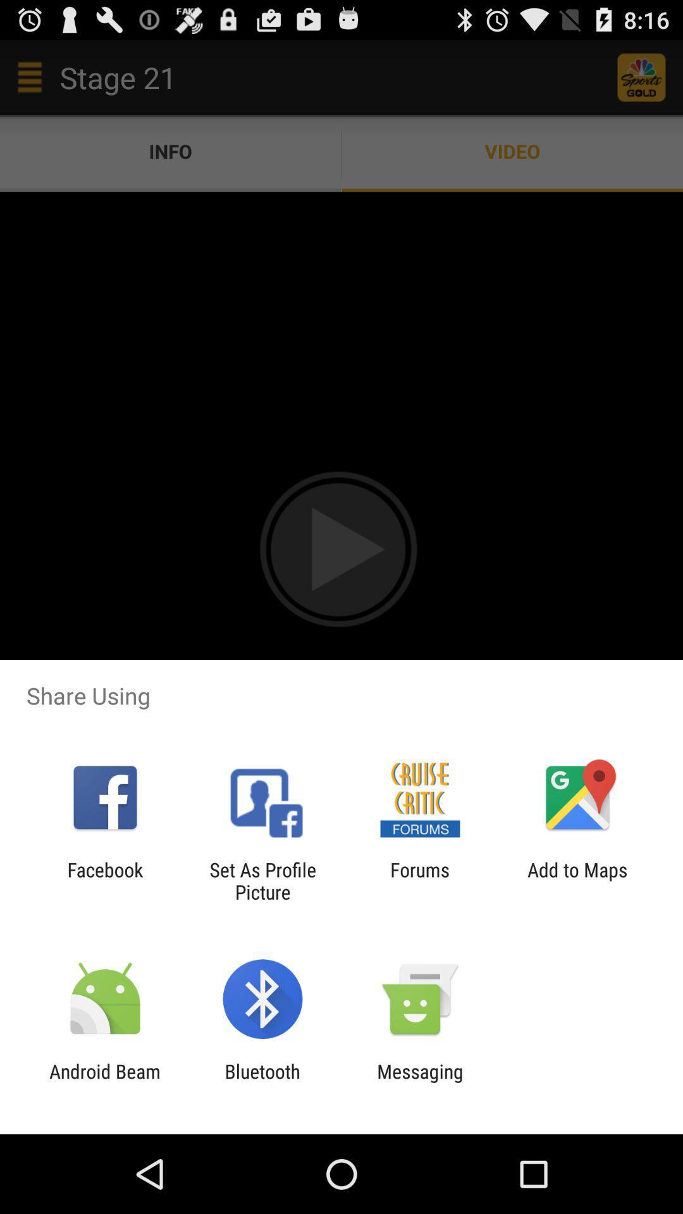  I want to click on item to the left of messaging icon, so click(262, 1082).